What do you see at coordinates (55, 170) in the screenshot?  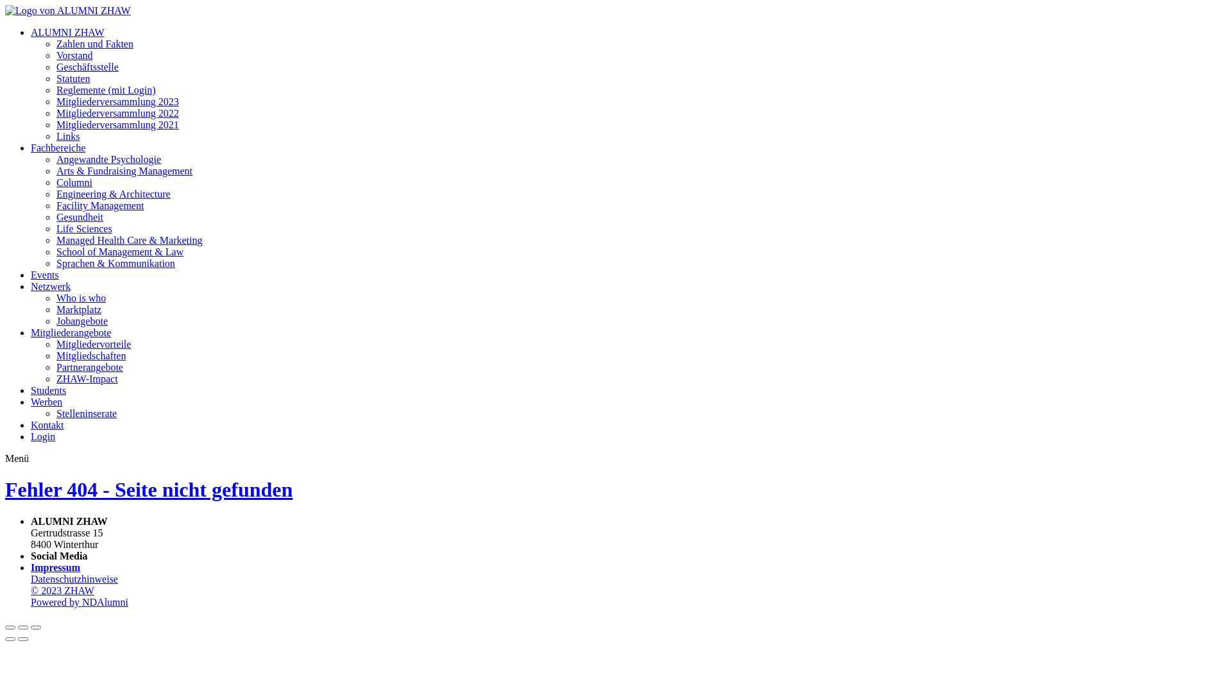 I see `'Arts & Fundraising Management'` at bounding box center [55, 170].